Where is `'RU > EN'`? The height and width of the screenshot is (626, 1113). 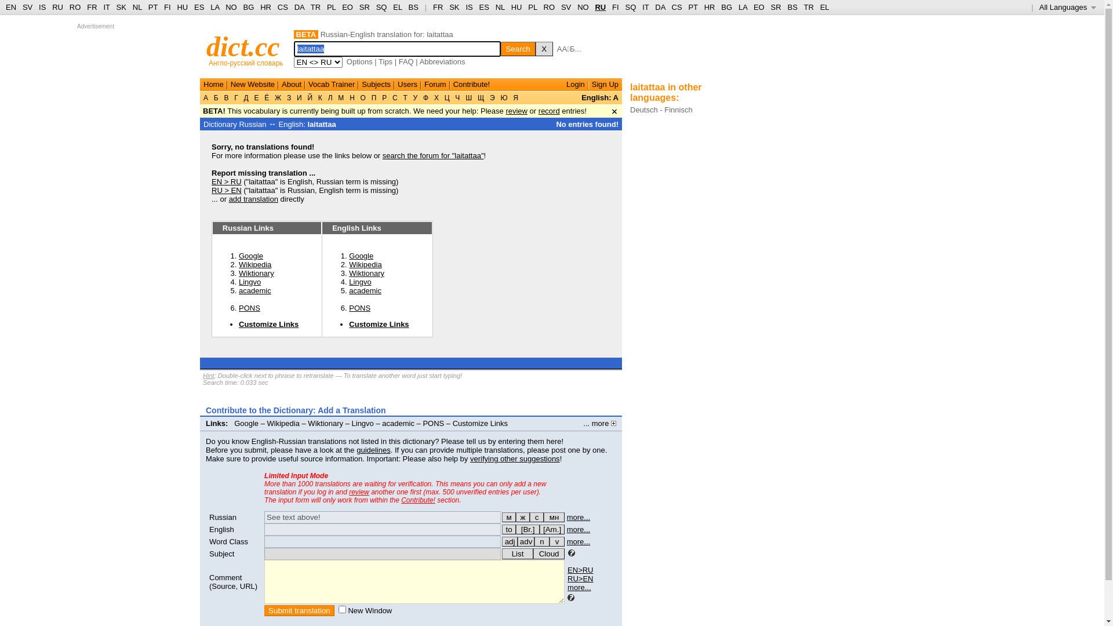 'RU > EN' is located at coordinates (211, 190).